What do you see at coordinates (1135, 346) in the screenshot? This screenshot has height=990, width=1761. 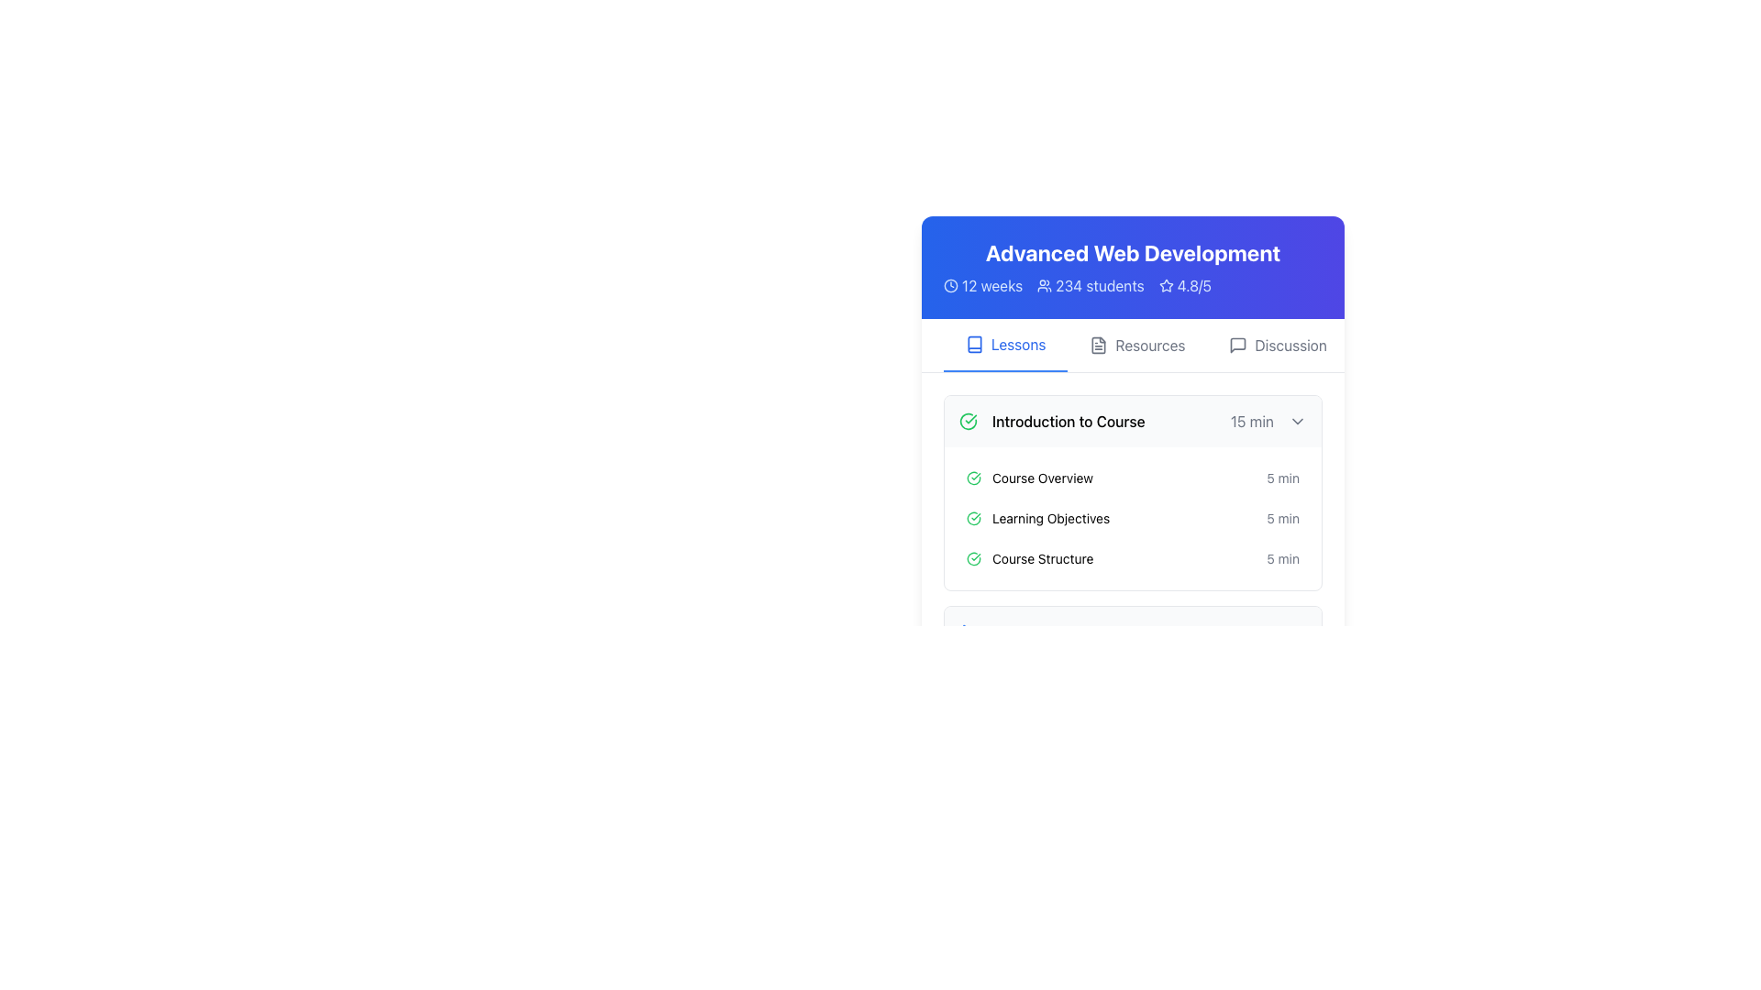 I see `the 'Resources' button in the middle of the navigation menu` at bounding box center [1135, 346].